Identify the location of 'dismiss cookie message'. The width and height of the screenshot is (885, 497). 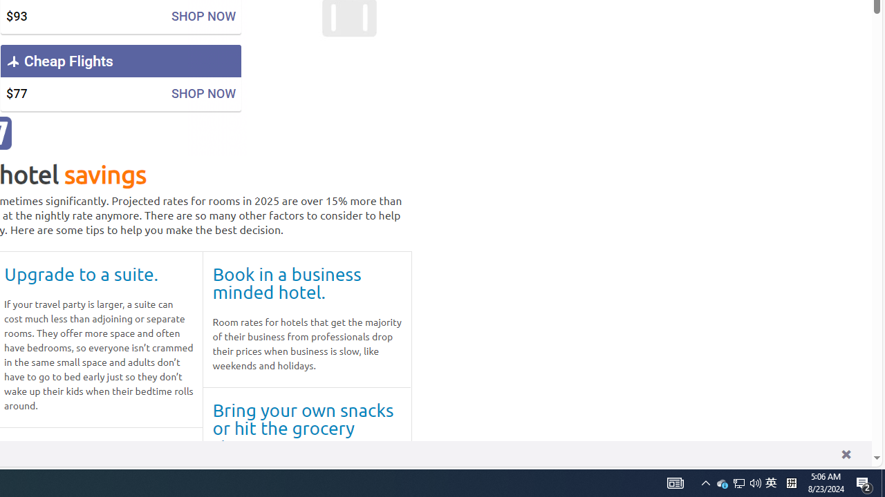
(845, 454).